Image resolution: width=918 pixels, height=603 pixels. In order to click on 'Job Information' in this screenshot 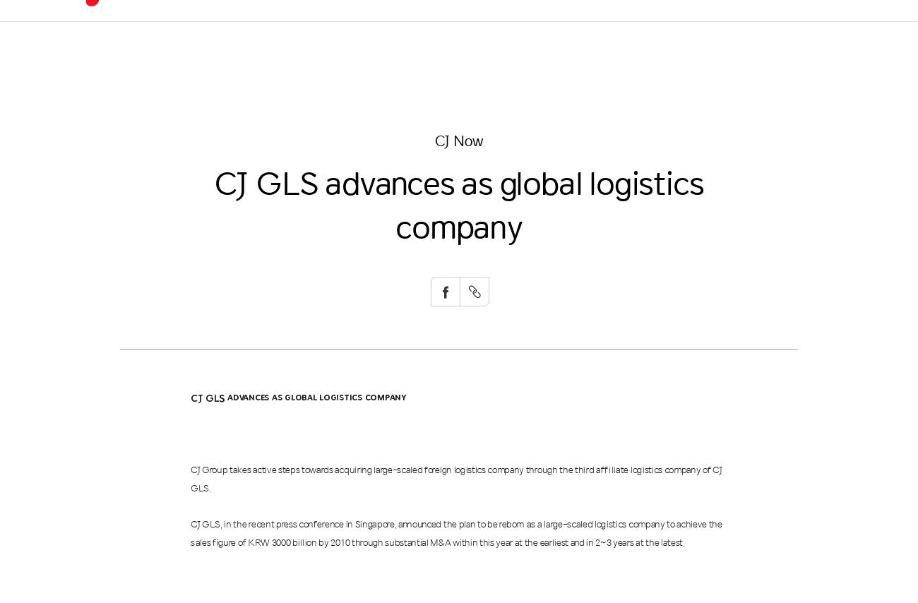, I will do `click(720, 111)`.